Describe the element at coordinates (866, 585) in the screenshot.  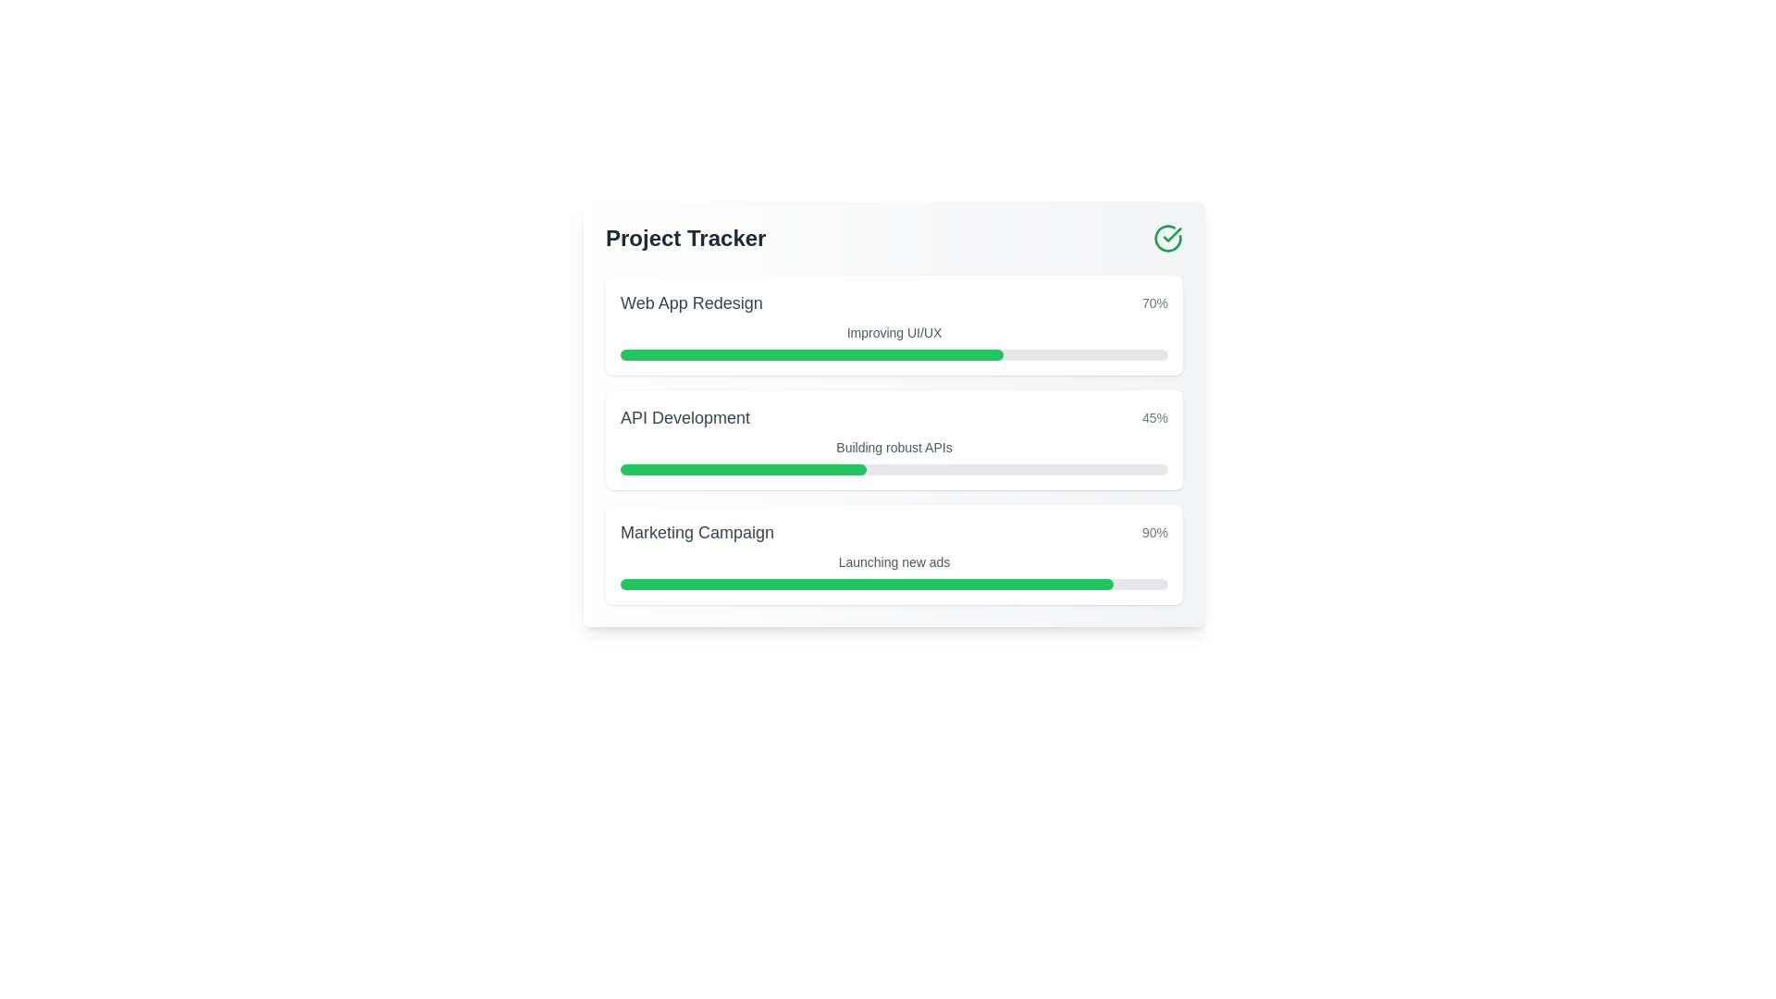
I see `the visual fill percentage of the Progress Bar Segment representing the 'Marketing Campaign' task, which is filled to 90%` at that location.